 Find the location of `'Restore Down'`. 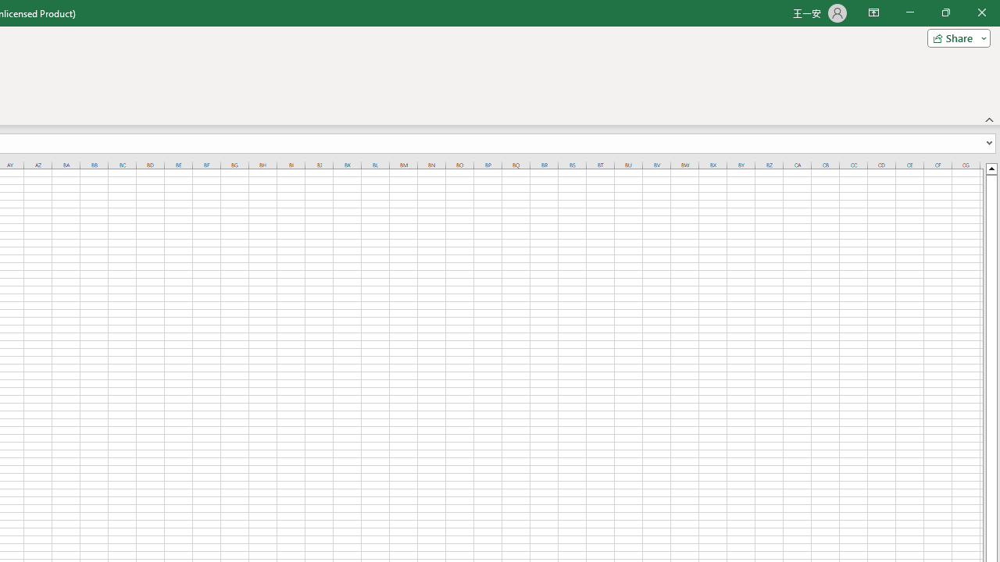

'Restore Down' is located at coordinates (945, 12).